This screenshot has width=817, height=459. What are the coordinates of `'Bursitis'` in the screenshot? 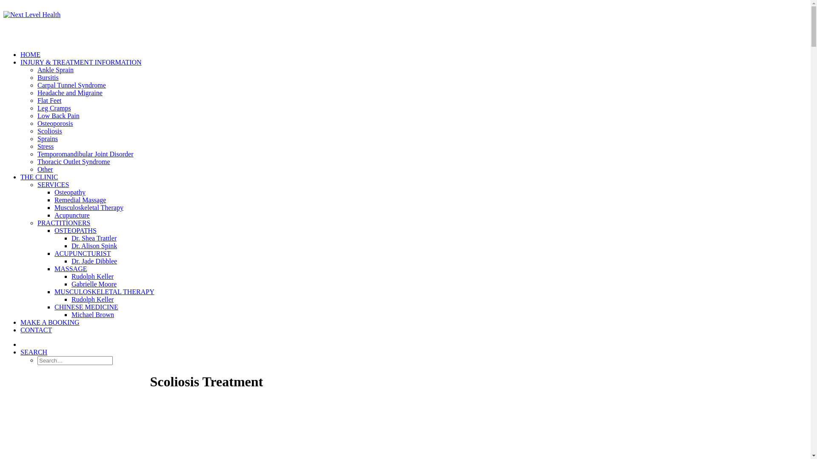 It's located at (37, 77).